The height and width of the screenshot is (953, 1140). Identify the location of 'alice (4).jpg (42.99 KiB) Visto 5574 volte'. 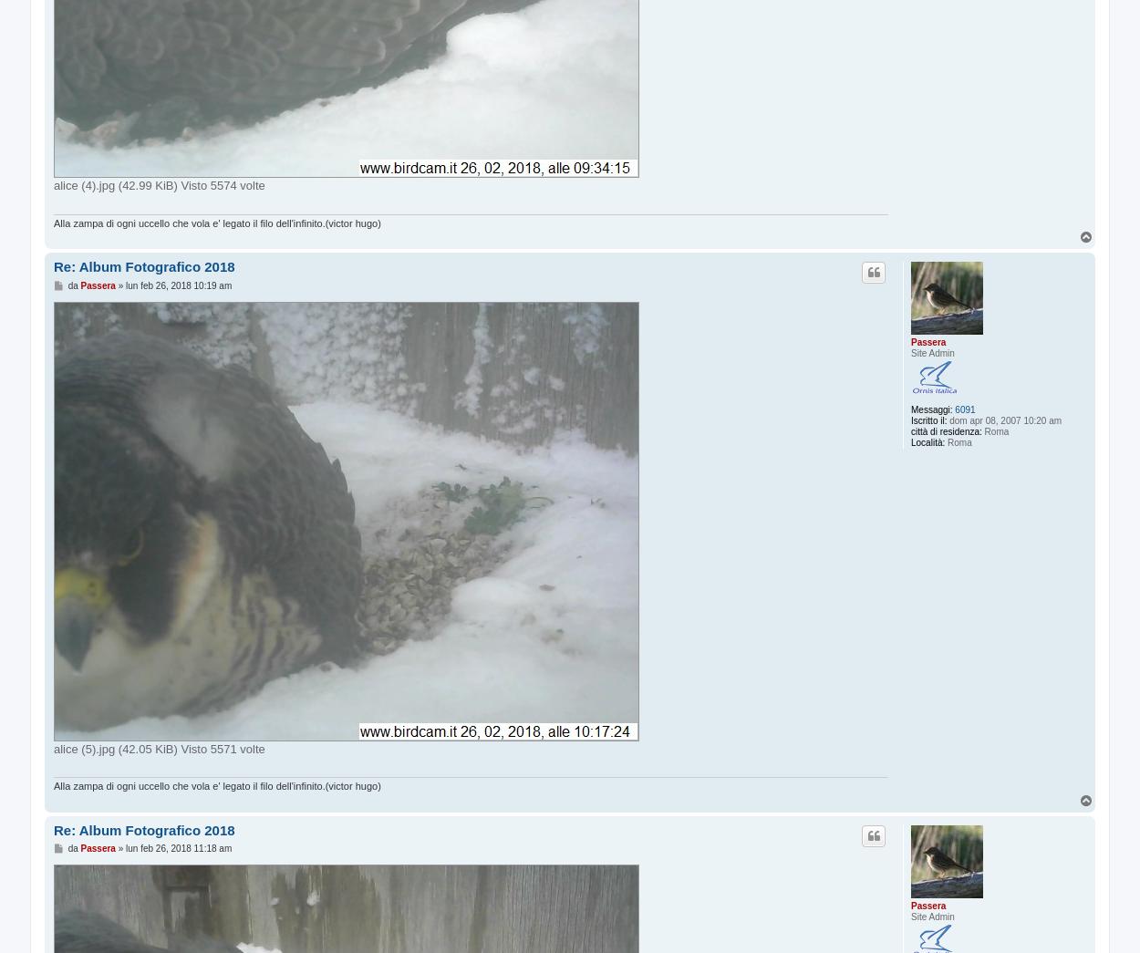
(159, 185).